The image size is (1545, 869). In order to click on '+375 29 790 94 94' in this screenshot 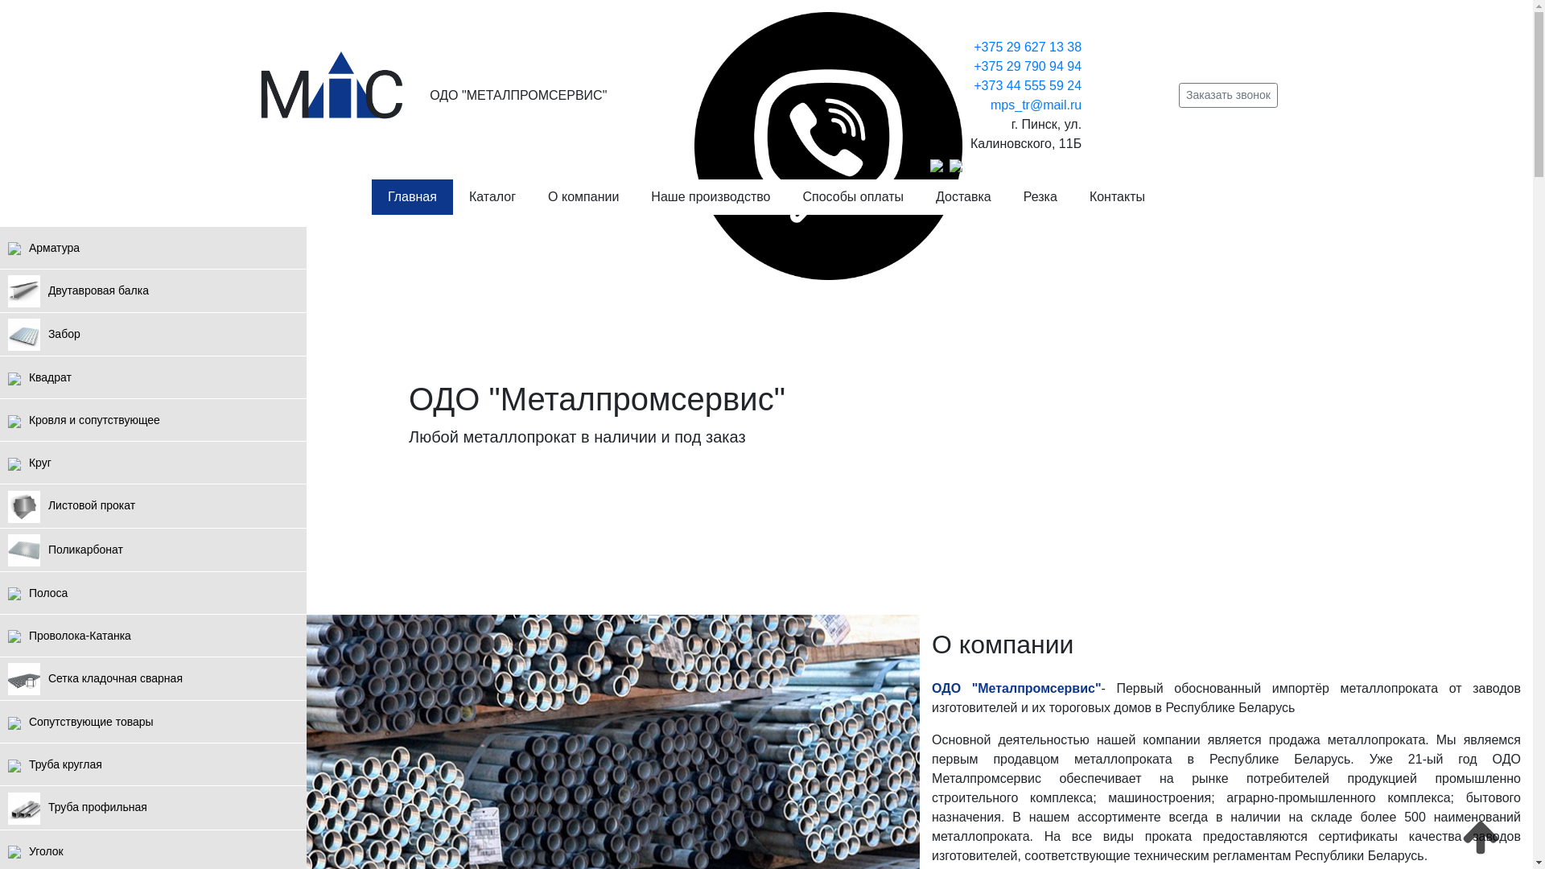, I will do `click(1026, 65)`.